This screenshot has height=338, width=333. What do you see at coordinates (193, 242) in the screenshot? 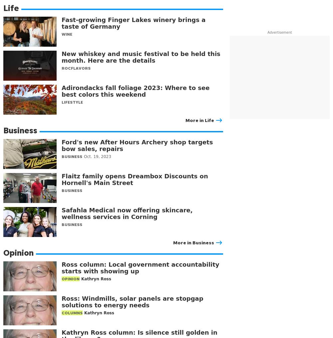
I see `'More in Business'` at bounding box center [193, 242].